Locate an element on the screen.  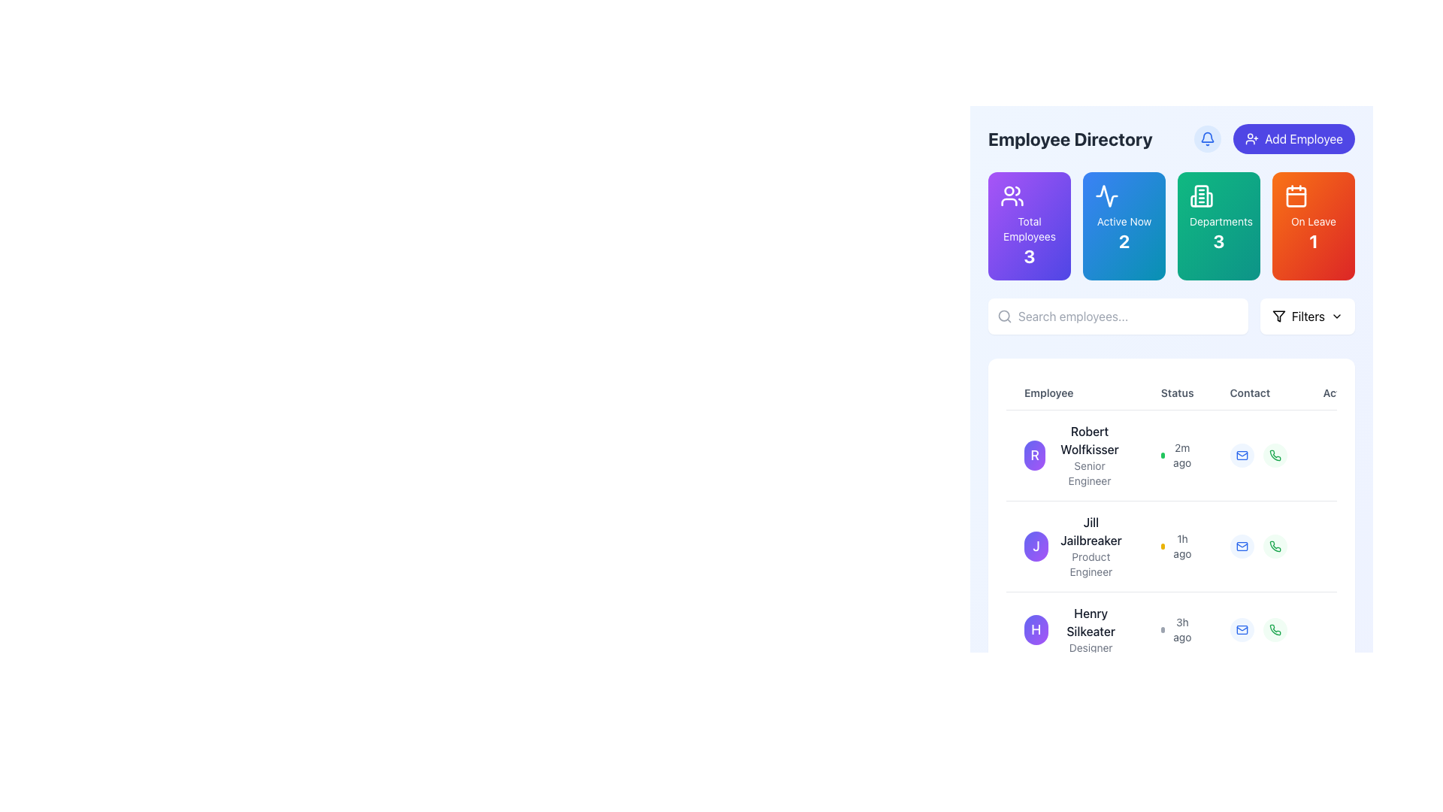
the Text label indicating the total number of employees located in the bottom section of the purple tile labeled 'Total Employees' is located at coordinates (1028, 255).